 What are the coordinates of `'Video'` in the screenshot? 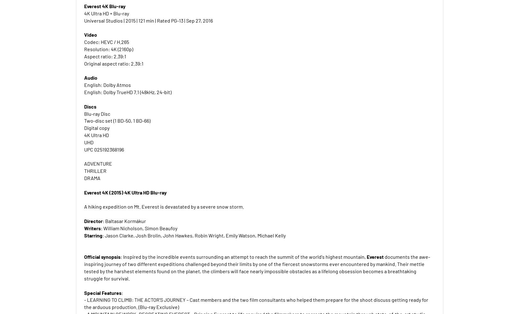 It's located at (90, 34).